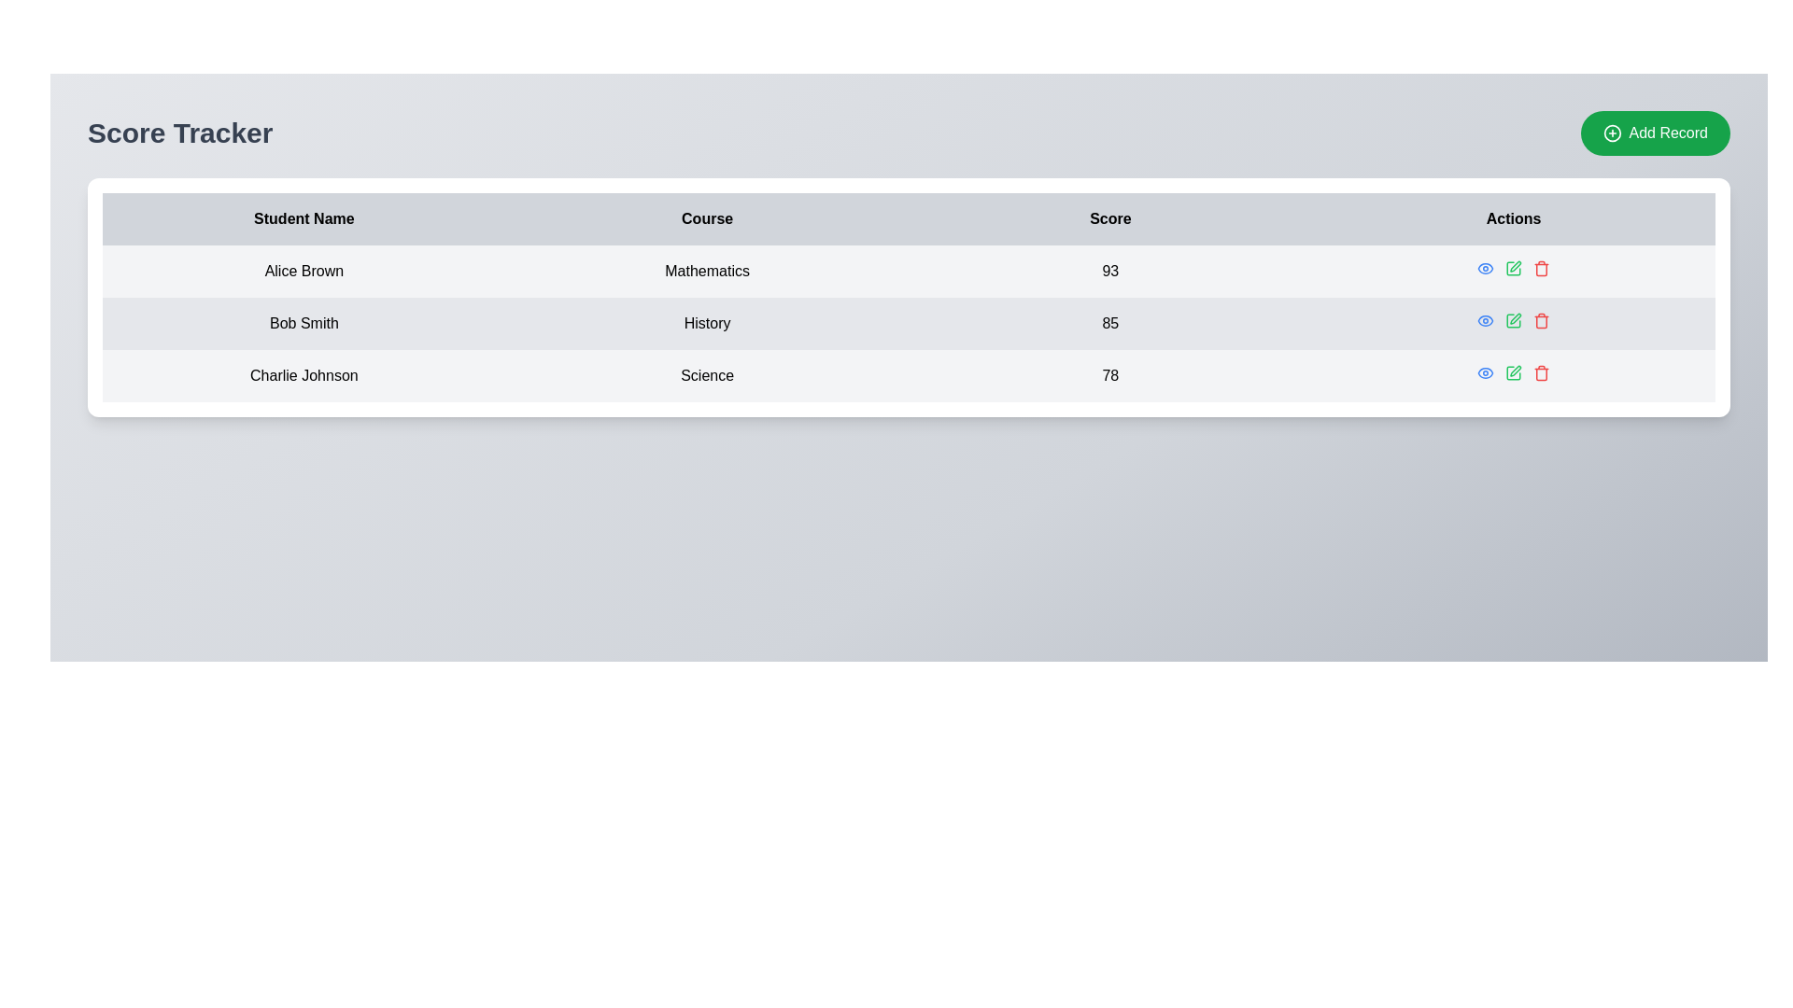 This screenshot has height=1008, width=1793. Describe the element at coordinates (1542, 270) in the screenshot. I see `the red trash can icon in the 'Actions' column of the third row` at that location.